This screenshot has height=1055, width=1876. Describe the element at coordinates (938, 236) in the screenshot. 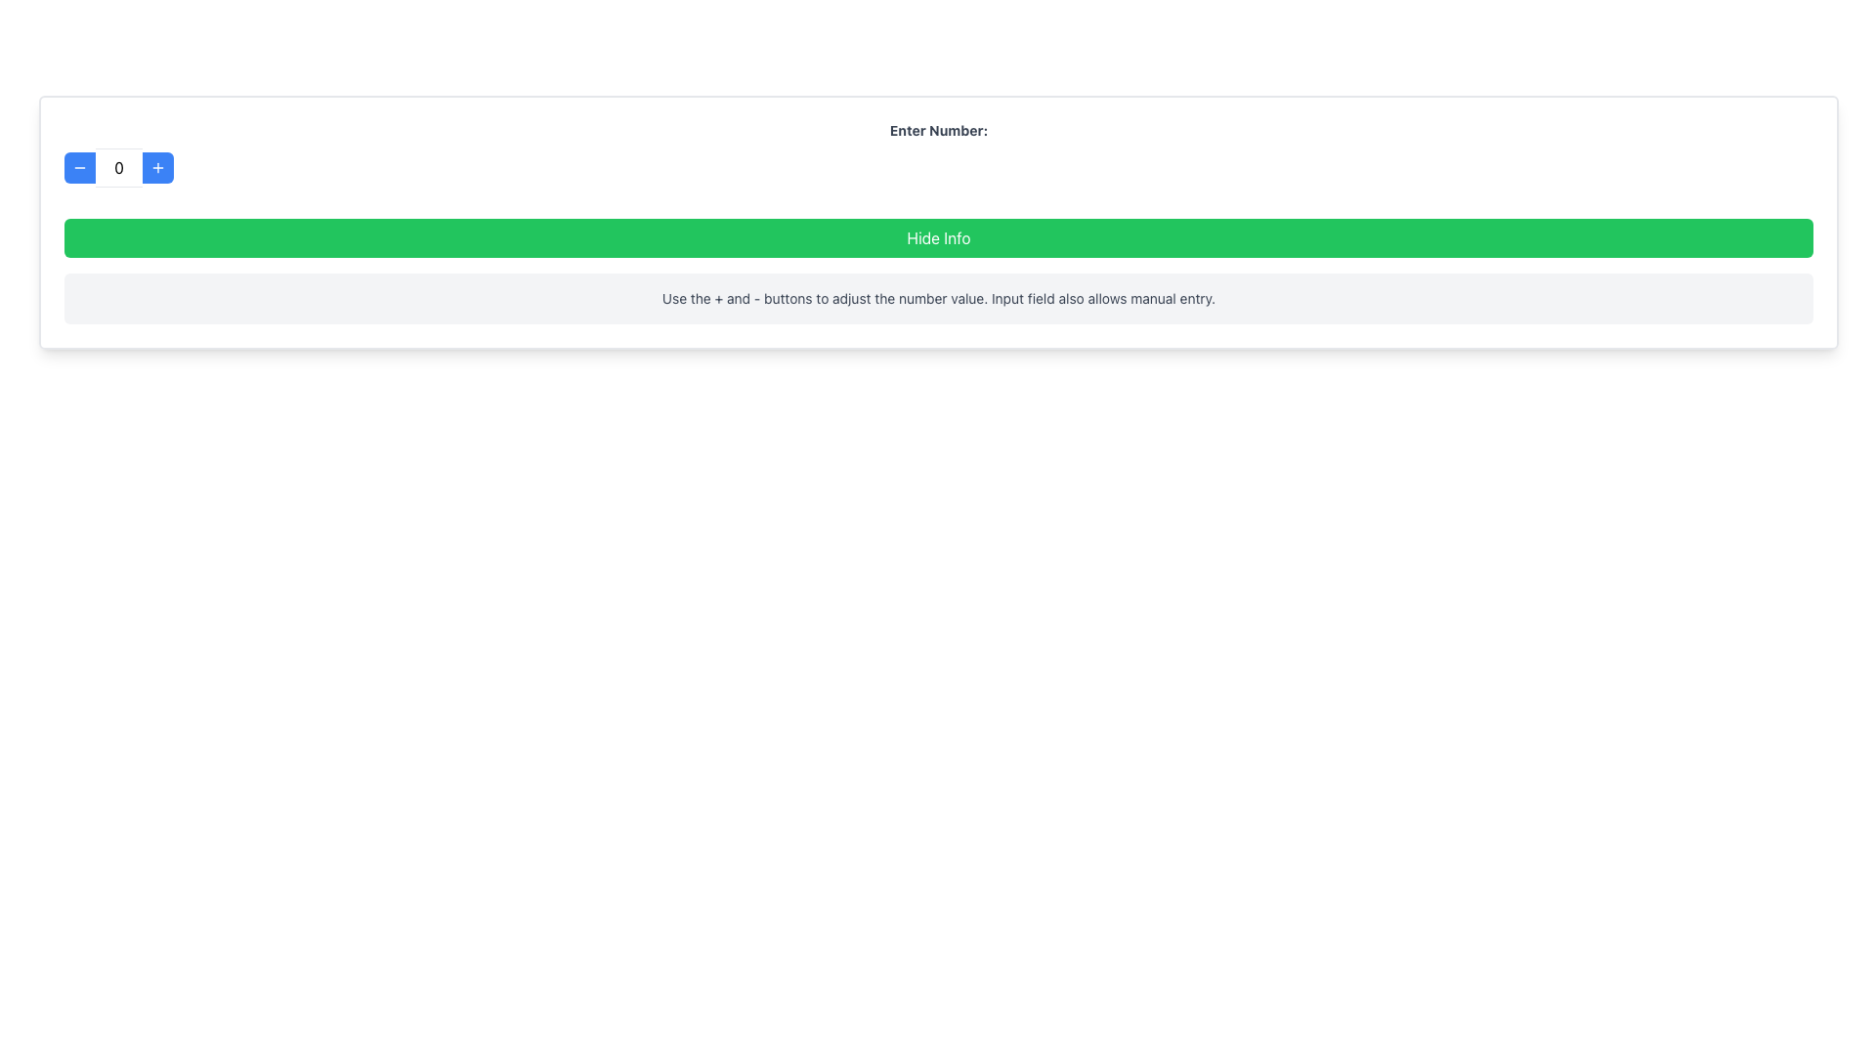

I see `the button that toggles the visibility of additional information, located centrally below the number input section and above the textual description` at that location.